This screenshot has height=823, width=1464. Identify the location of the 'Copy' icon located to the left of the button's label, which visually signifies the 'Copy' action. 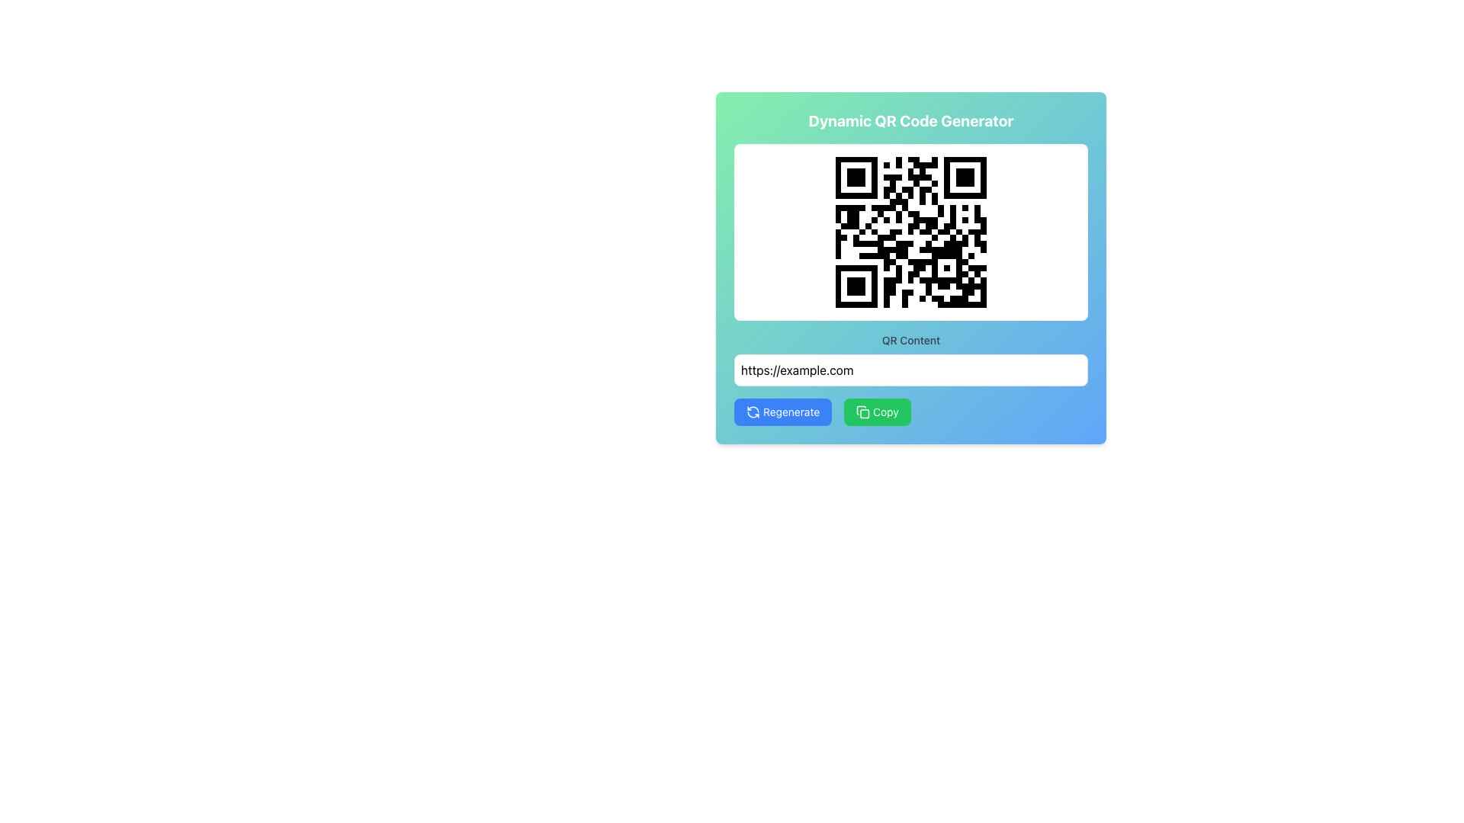
(863, 411).